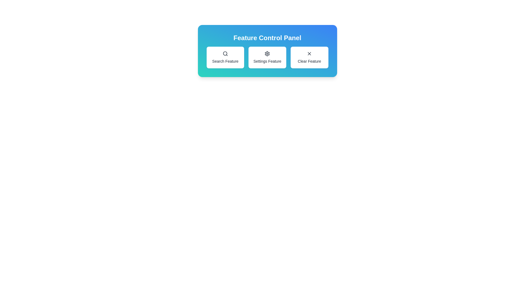 The width and height of the screenshot is (522, 293). I want to click on the 'Search Feature' button for keyboard navigation, so click(225, 58).